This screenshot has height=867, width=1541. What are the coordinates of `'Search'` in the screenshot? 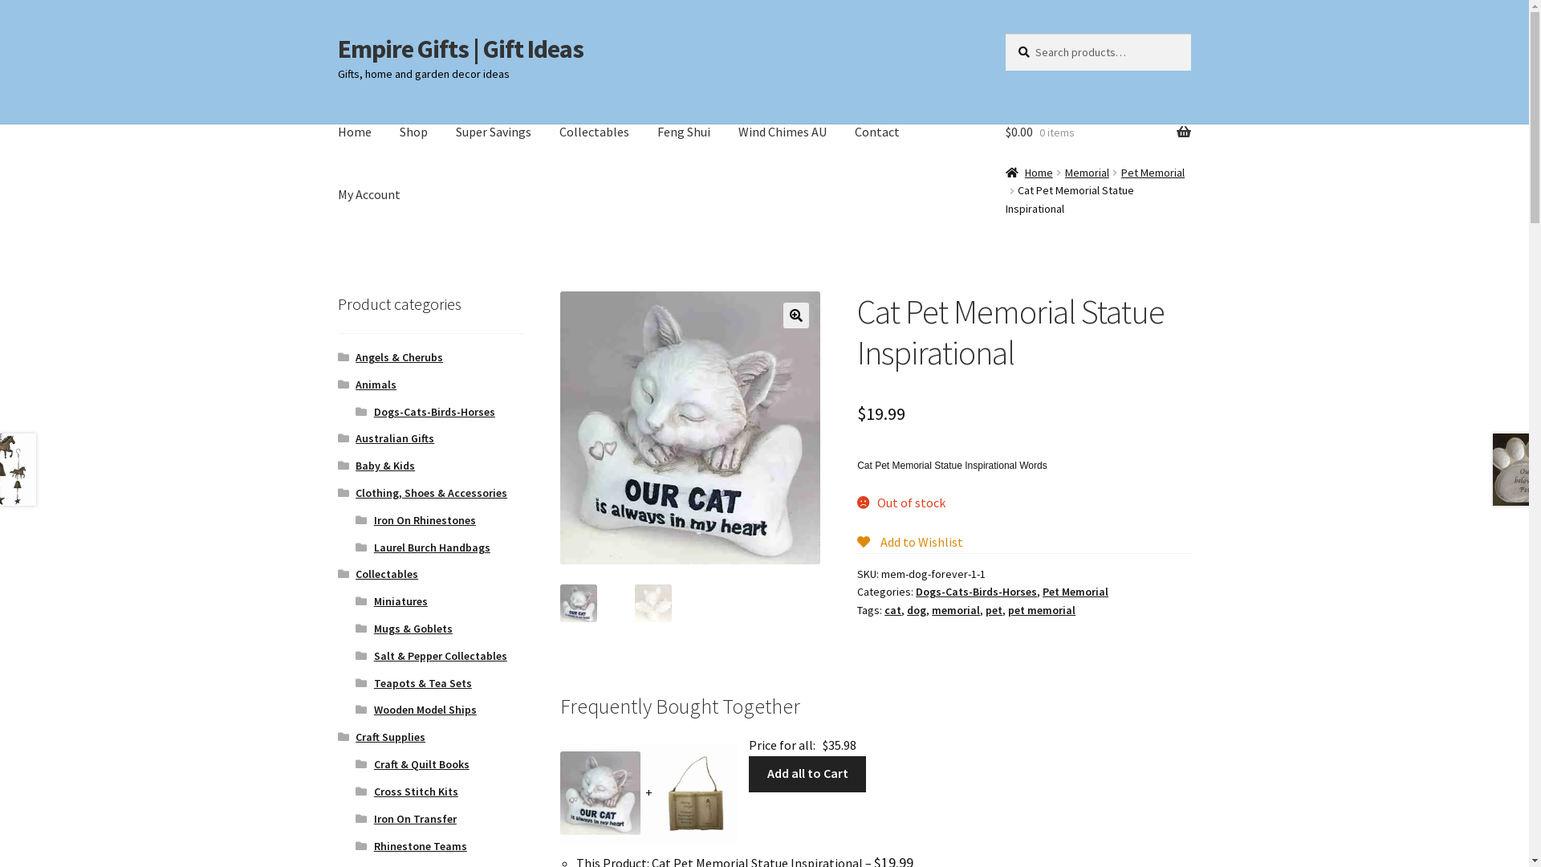 It's located at (1004, 33).